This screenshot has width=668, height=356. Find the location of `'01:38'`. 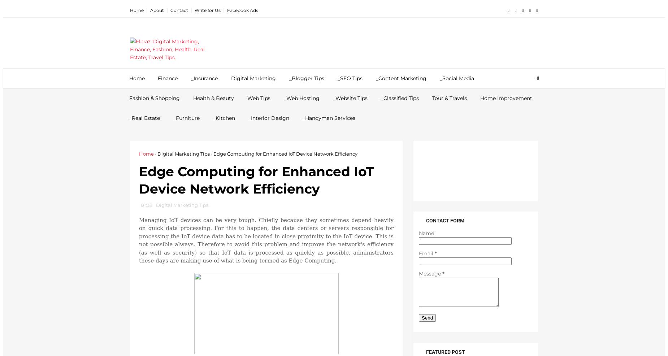

'01:38' is located at coordinates (146, 204).